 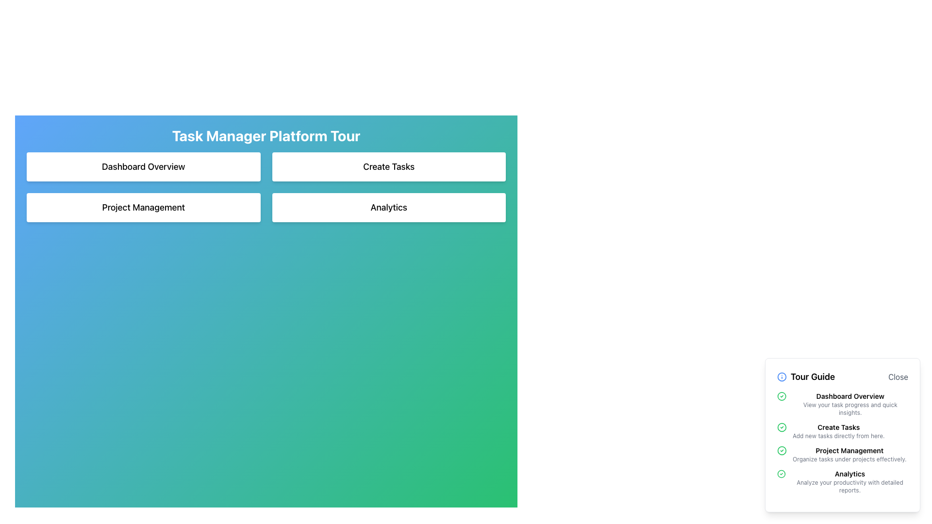 I want to click on the informative text block titled 'Create Tasks' that describes adding new tasks, located in the center-right segment of the dialog box under the 'Tour Guide' header, so click(x=842, y=430).